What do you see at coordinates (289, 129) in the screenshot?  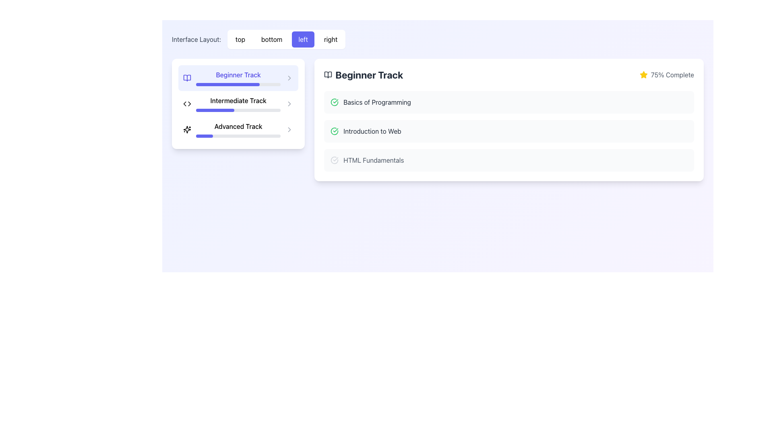 I see `the 'Advanced Track' menu option icon to highlight it` at bounding box center [289, 129].